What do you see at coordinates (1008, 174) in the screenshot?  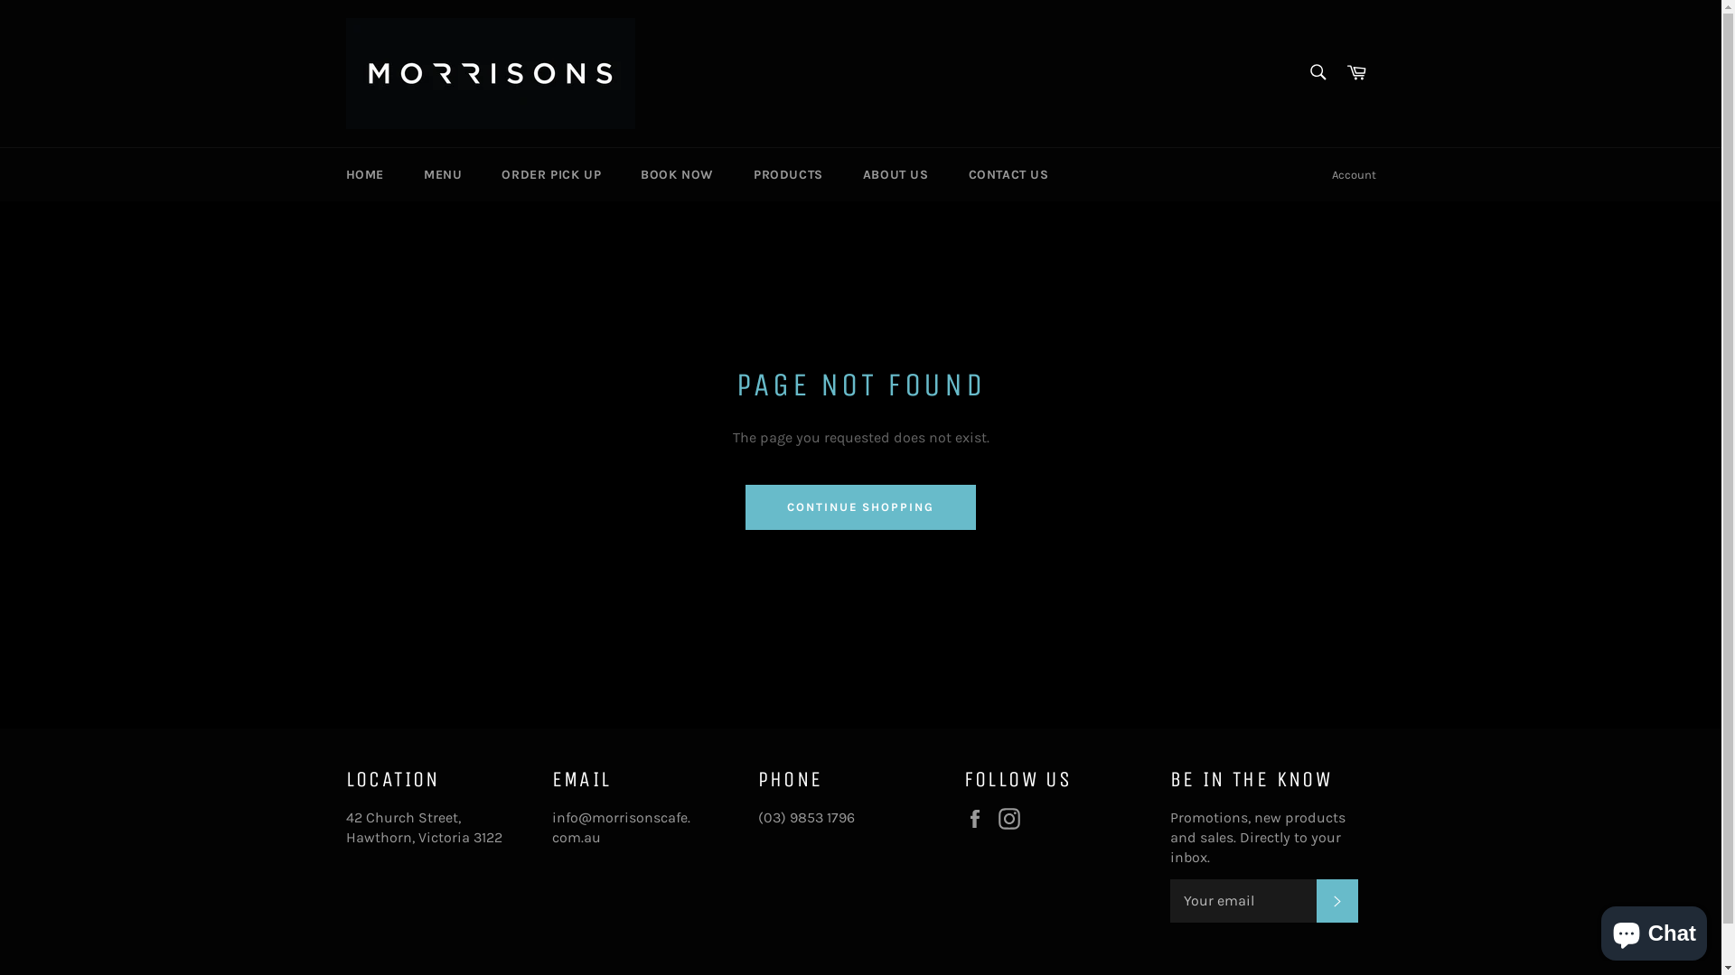 I see `'CONTACT US'` at bounding box center [1008, 174].